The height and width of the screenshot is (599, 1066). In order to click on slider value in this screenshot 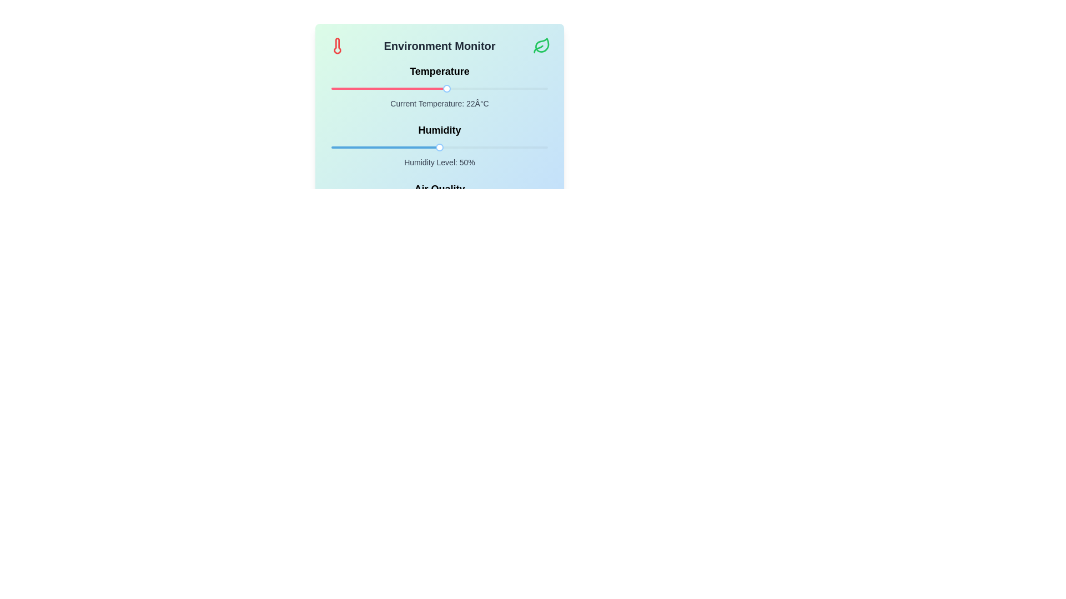, I will do `click(447, 147)`.